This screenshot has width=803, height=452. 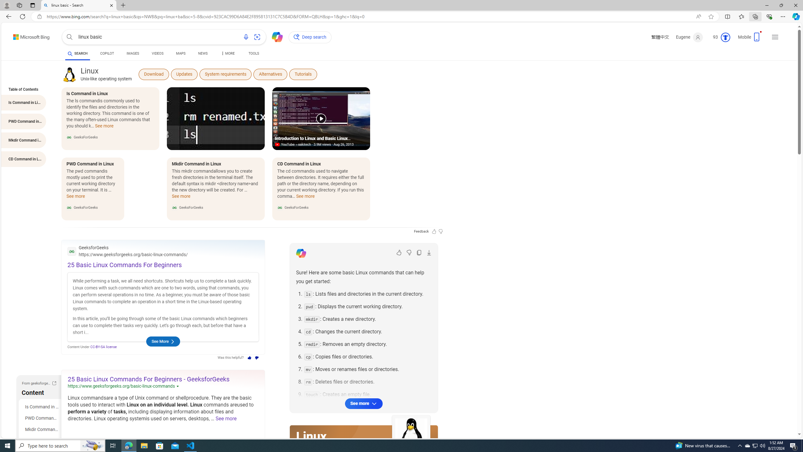 I want to click on 'Tutorials', so click(x=303, y=74).